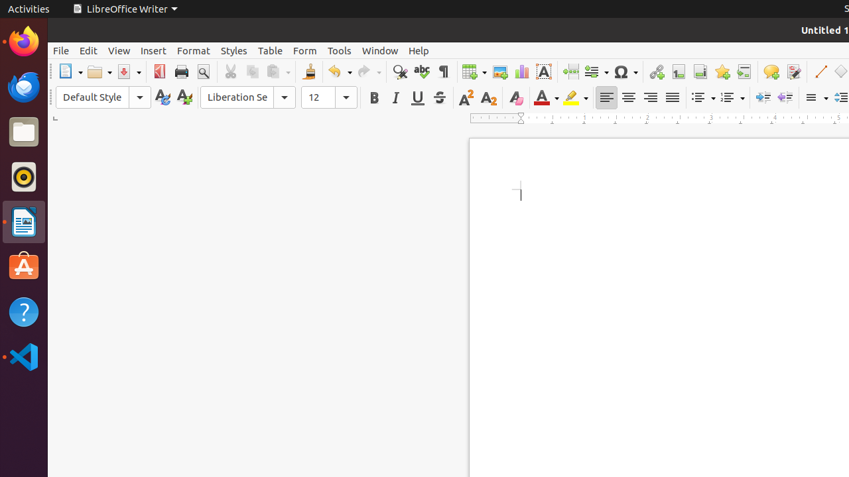 The image size is (849, 477). What do you see at coordinates (672, 97) in the screenshot?
I see `'Justified'` at bounding box center [672, 97].